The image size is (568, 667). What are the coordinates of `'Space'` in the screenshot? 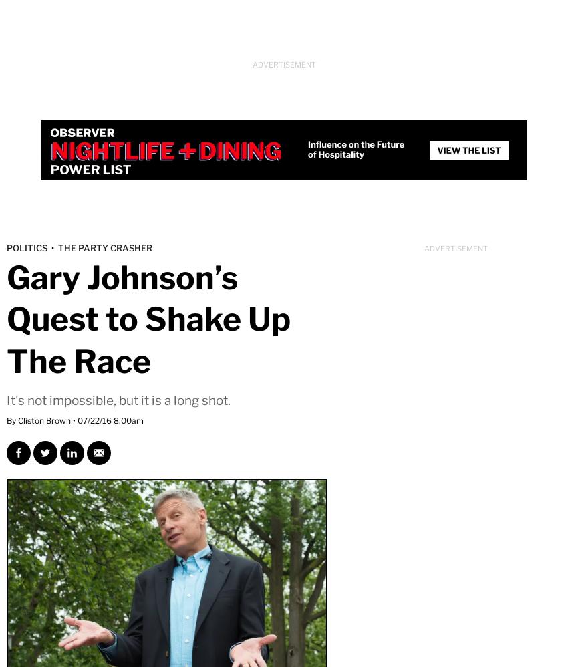 It's located at (271, 155).